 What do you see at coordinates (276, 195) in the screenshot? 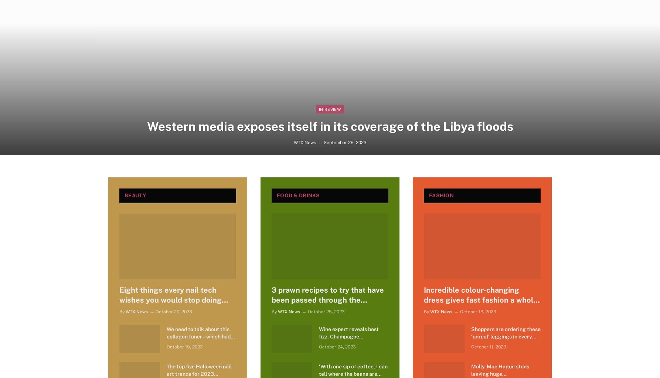
I see `'Food & Drinks'` at bounding box center [276, 195].